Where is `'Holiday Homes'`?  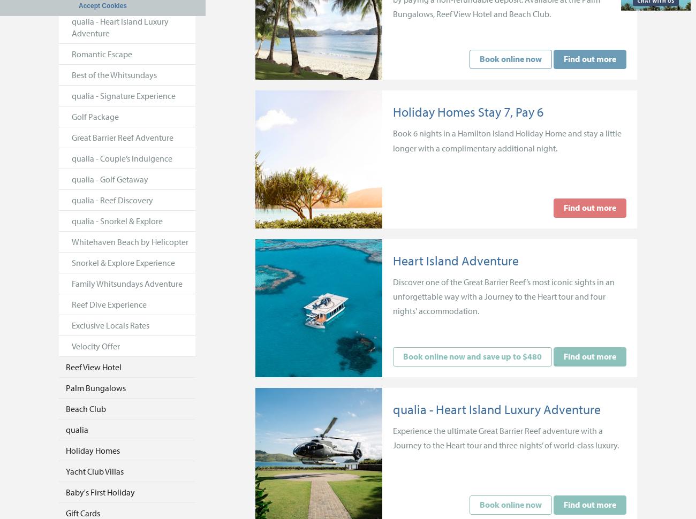
'Holiday Homes' is located at coordinates (93, 449).